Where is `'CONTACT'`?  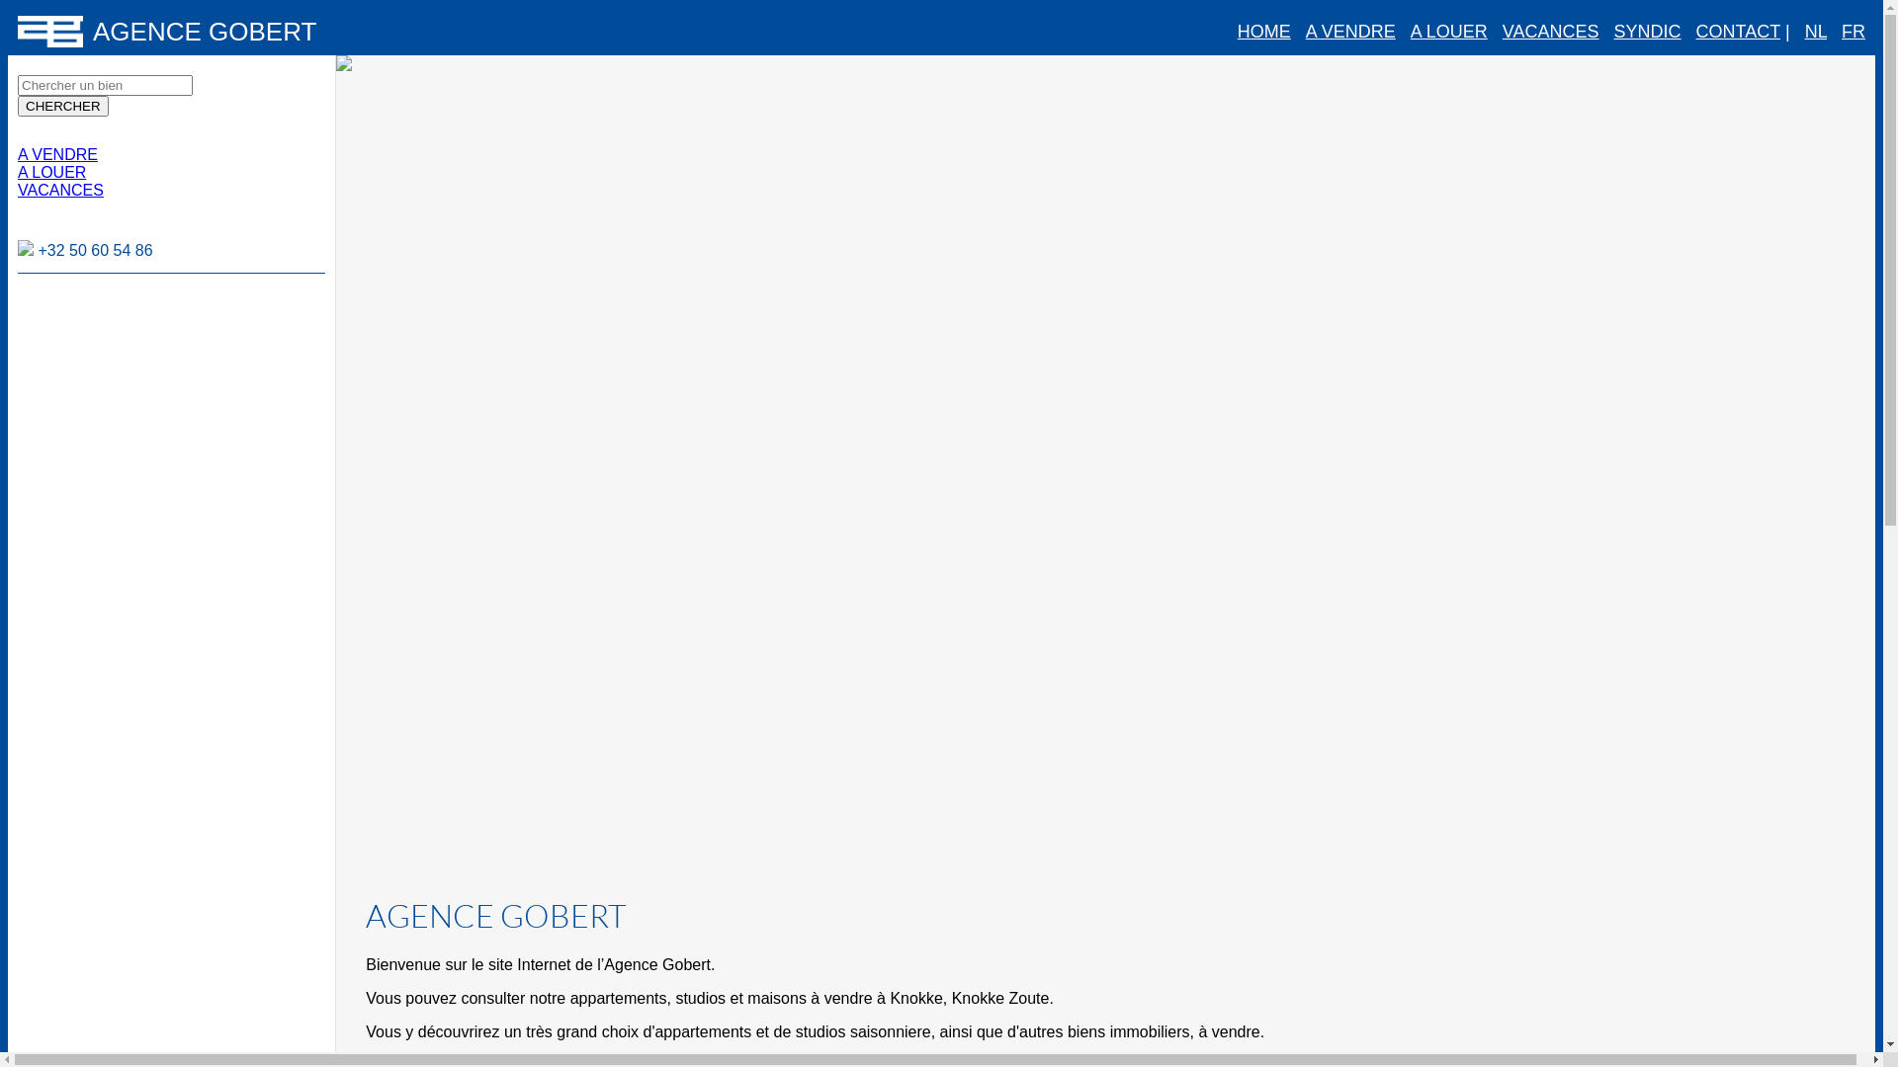 'CONTACT' is located at coordinates (1737, 31).